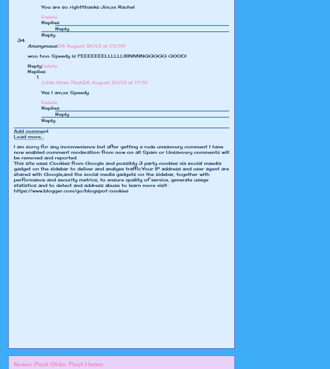  I want to click on 'Little Miss Titch', so click(41, 82).